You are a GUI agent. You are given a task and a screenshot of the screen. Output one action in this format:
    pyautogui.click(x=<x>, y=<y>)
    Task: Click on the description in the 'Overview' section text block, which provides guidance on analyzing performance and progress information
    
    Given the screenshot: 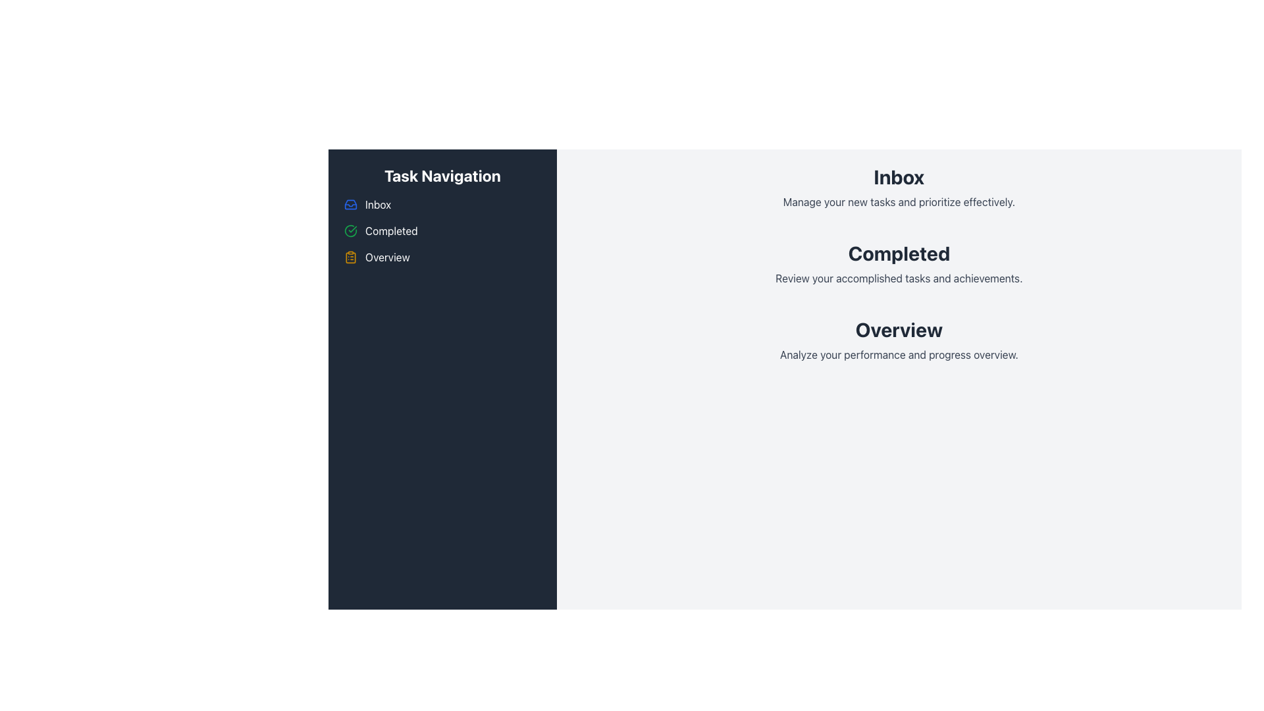 What is the action you would take?
    pyautogui.click(x=898, y=339)
    